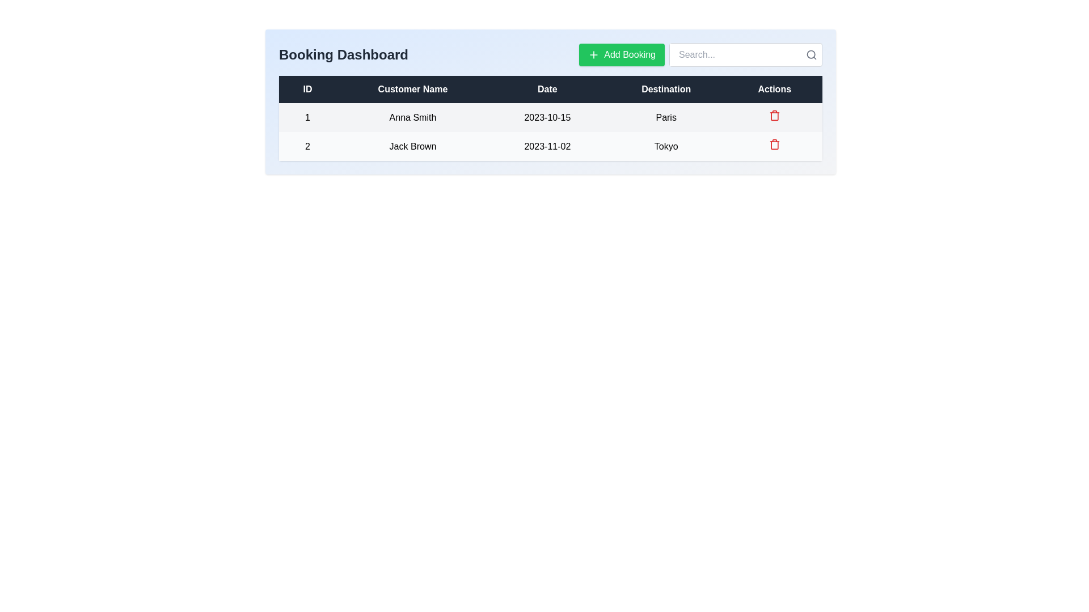 The image size is (1089, 612). Describe the element at coordinates (593, 54) in the screenshot. I see `the plus sign SVG icon located on the left side of the 'Add Booking' button, which is green with white text` at that location.